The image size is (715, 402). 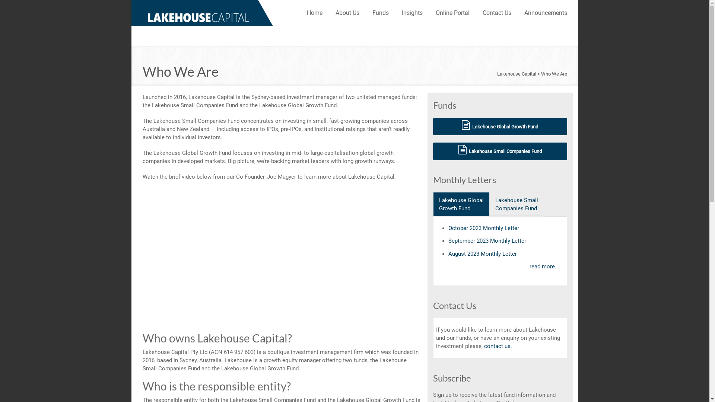 I want to click on '  Lakehouse Small Companies Fund', so click(x=500, y=151).